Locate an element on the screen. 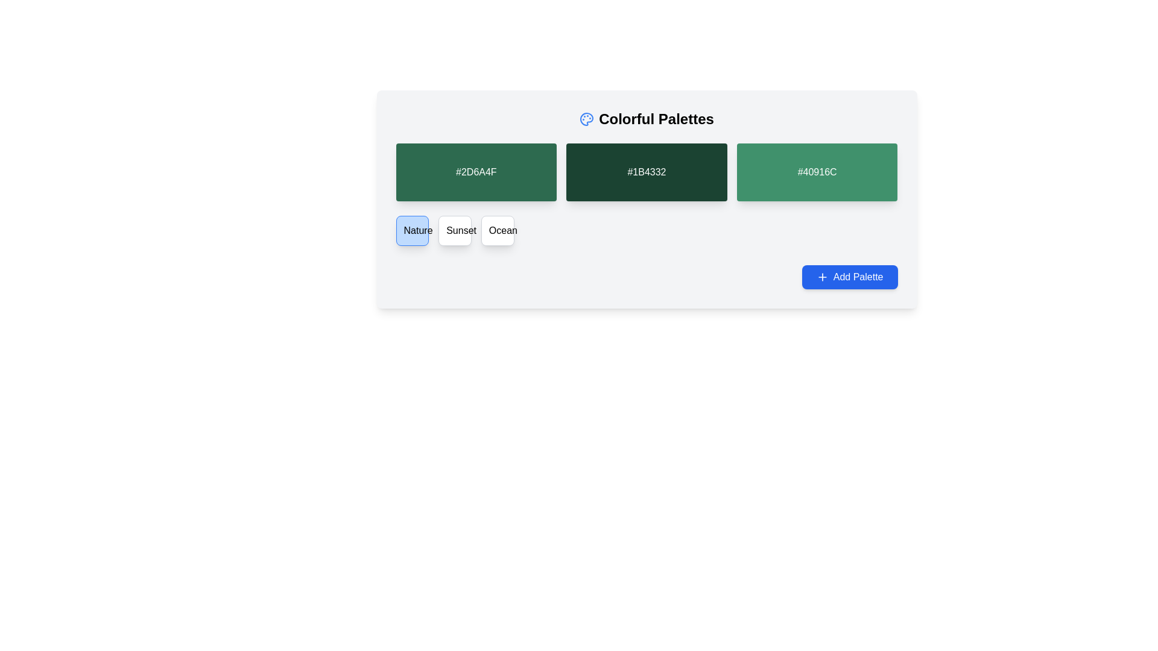  the small plus icon rendered in SVG format, located inside the 'Add Palette' button in the bottom right corner of the interface is located at coordinates (821, 277).